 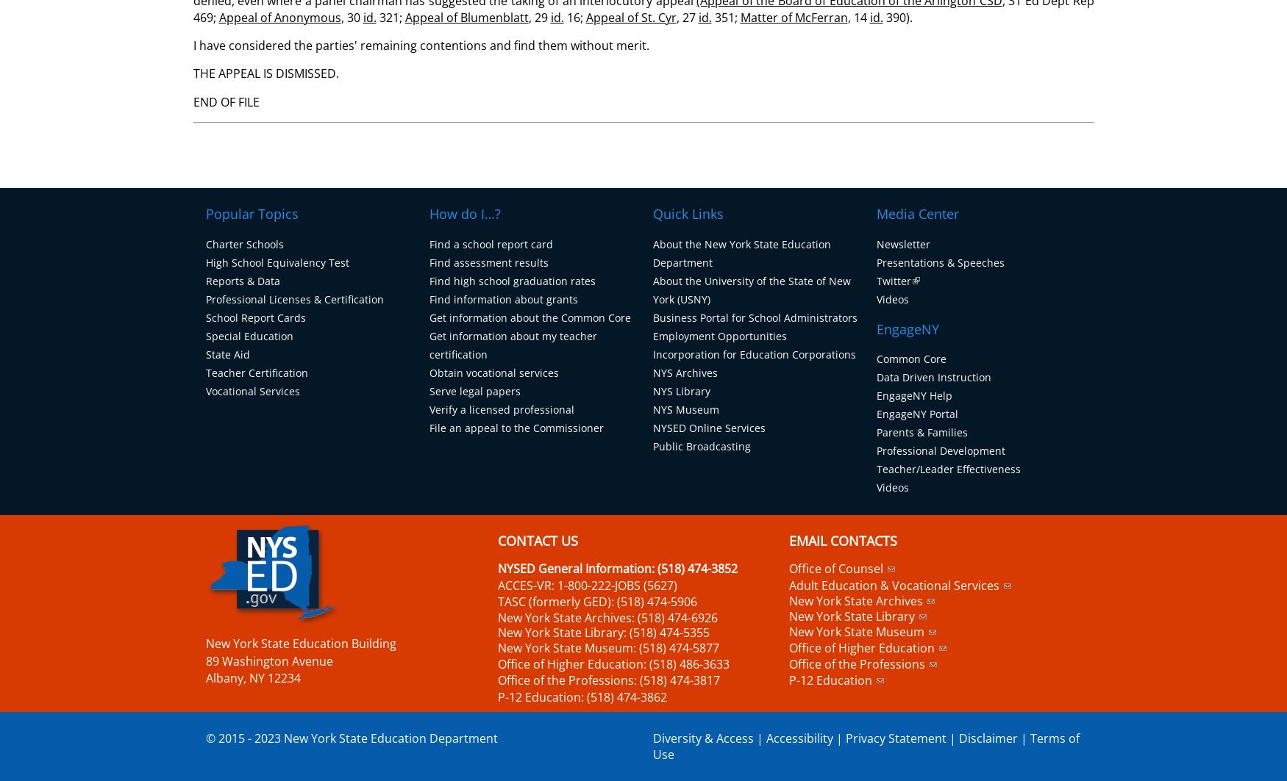 What do you see at coordinates (765, 737) in the screenshot?
I see `'Accessibility'` at bounding box center [765, 737].